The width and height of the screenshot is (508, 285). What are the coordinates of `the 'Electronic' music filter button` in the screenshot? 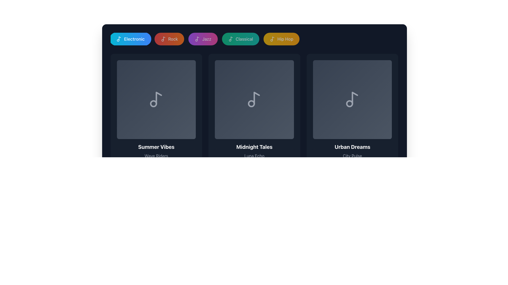 It's located at (130, 39).